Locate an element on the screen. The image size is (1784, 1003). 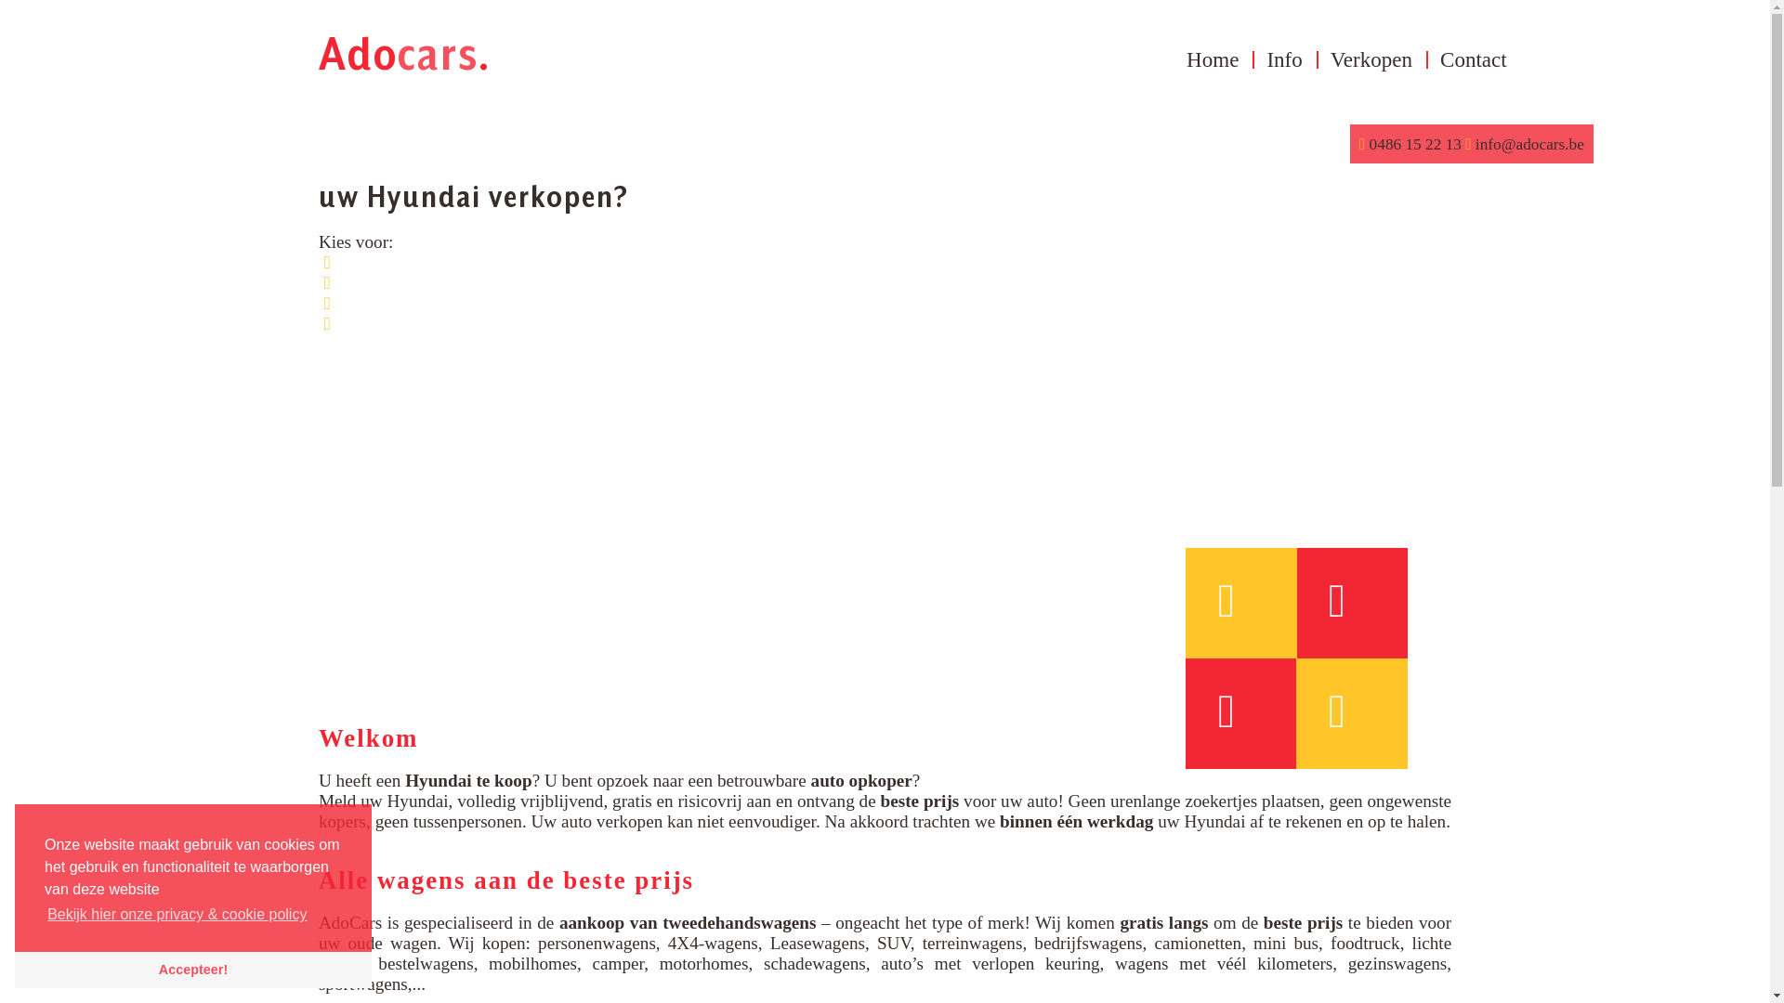
'schadewagens' is located at coordinates (815, 962).